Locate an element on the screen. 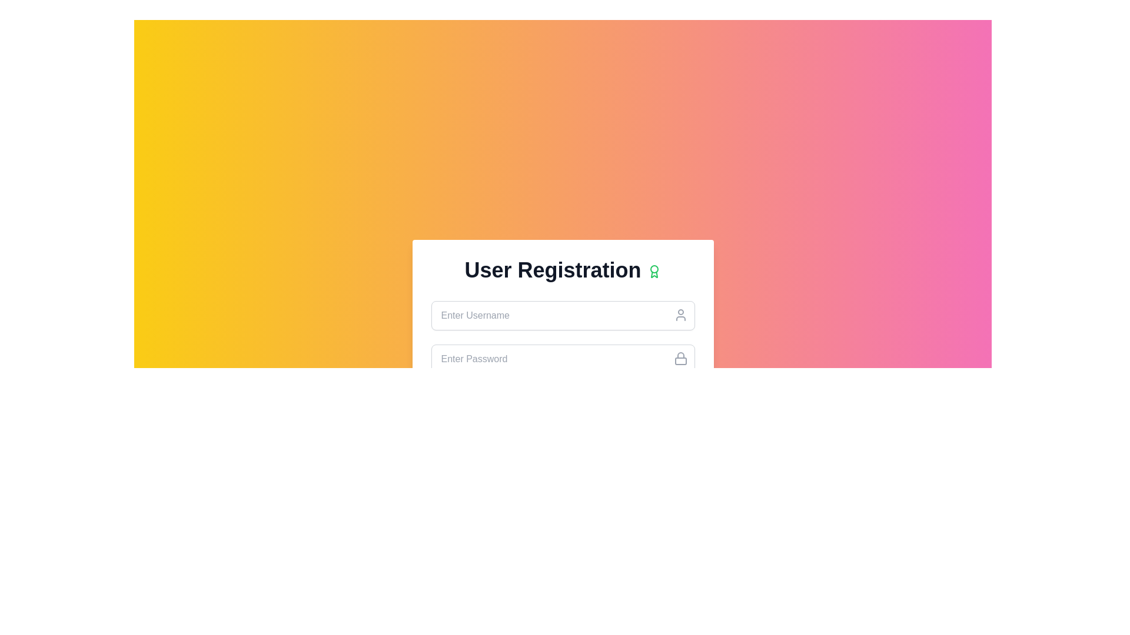  the award medallion icon, which is green in color and located to the right of the 'User Registration' title in the header section is located at coordinates (653, 272).